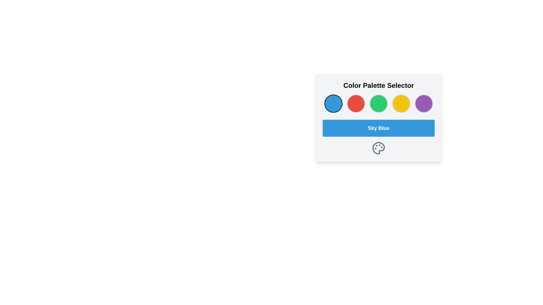 The height and width of the screenshot is (305, 543). Describe the element at coordinates (333, 103) in the screenshot. I see `the first circular button in the Color Palette Selector` at that location.